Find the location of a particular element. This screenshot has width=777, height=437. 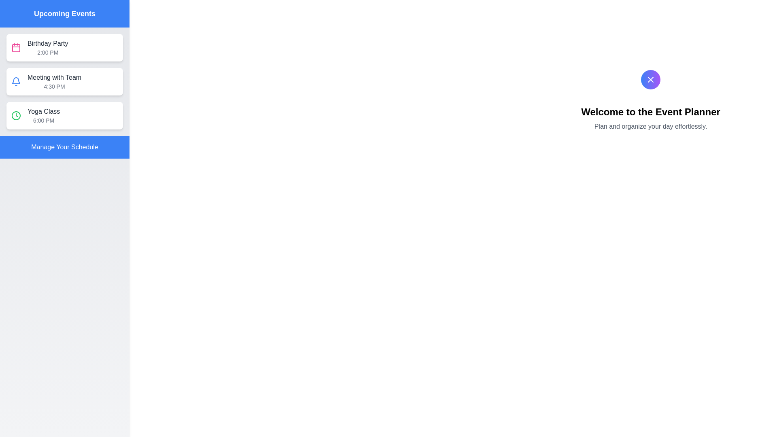

the clock icon indicating the time for the 'Yoga Class' event, which is positioned above the text '6:00 PM' and adjacent to 'Yoga Class' in the third card of the upcoming events list is located at coordinates (16, 115).